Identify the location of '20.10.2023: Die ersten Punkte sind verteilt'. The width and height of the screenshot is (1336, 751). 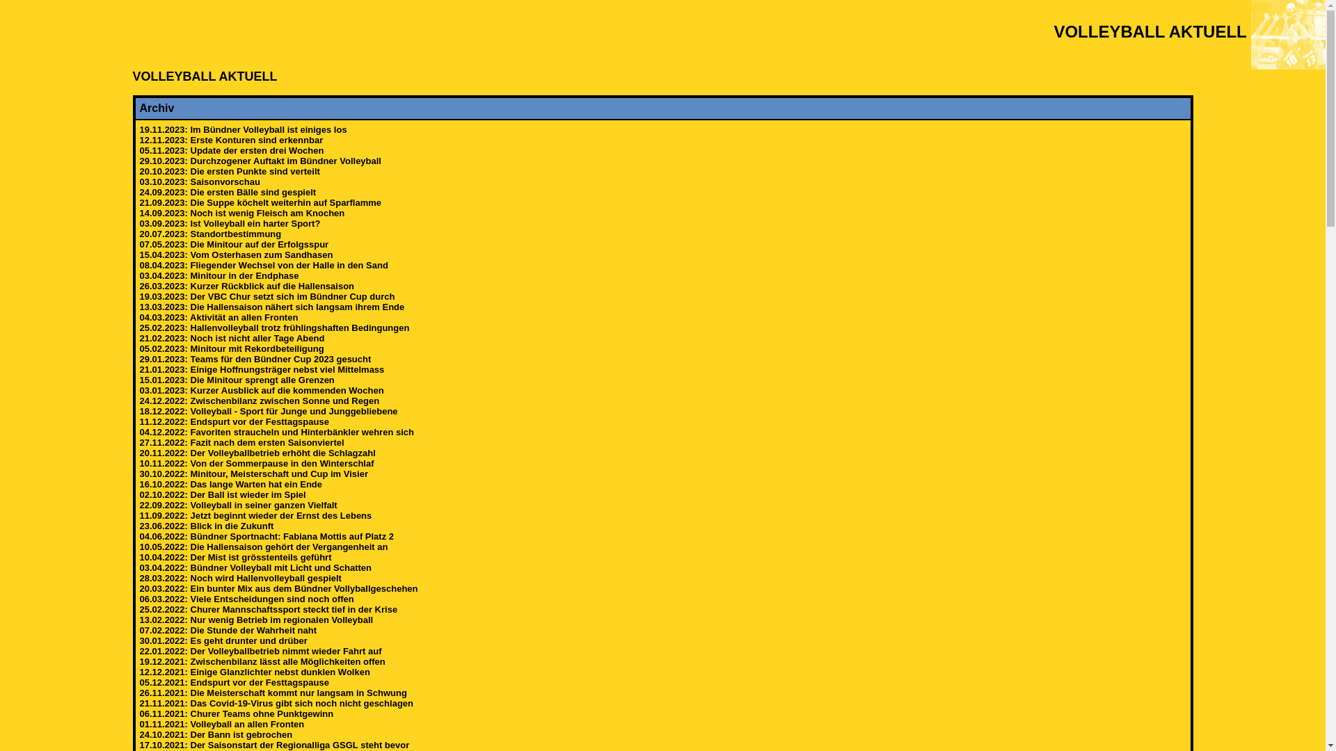
(229, 170).